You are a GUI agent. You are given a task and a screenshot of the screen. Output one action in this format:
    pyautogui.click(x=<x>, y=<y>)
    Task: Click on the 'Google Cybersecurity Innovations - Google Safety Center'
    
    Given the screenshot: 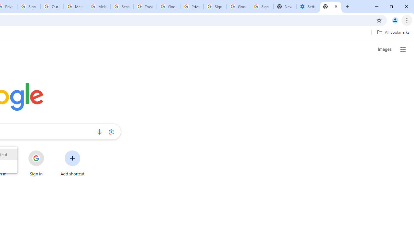 What is the action you would take?
    pyautogui.click(x=238, y=6)
    